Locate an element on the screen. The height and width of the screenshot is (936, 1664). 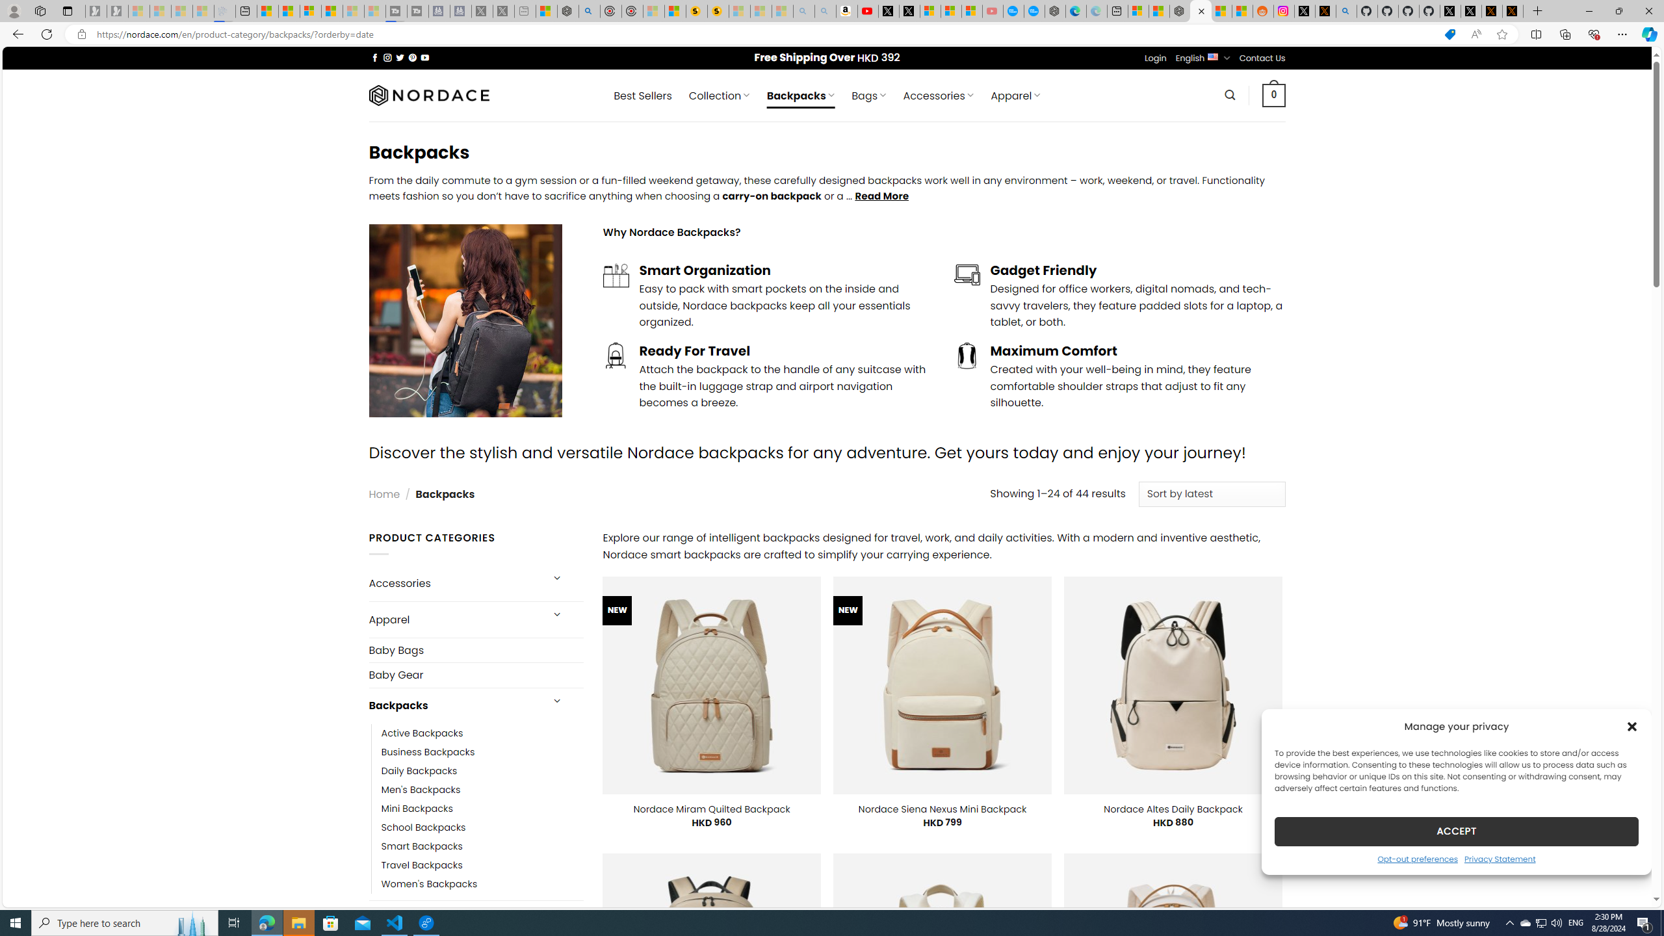
'Women' is located at coordinates (429, 883).